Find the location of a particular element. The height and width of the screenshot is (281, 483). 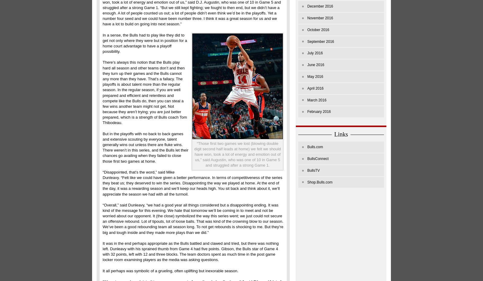

'It was in the end perhaps appropriate as the Bulls battled and clawed and tried, but there was nothing left. Dunleavy with his sprained thumb from Game 4 had five points. Gibson, the Bulls star of Game 4 with 32 points, left with 12 and three blocks. The team doctors spent as much time in the post game locker room examining players as the media was asking questions.' is located at coordinates (190, 251).